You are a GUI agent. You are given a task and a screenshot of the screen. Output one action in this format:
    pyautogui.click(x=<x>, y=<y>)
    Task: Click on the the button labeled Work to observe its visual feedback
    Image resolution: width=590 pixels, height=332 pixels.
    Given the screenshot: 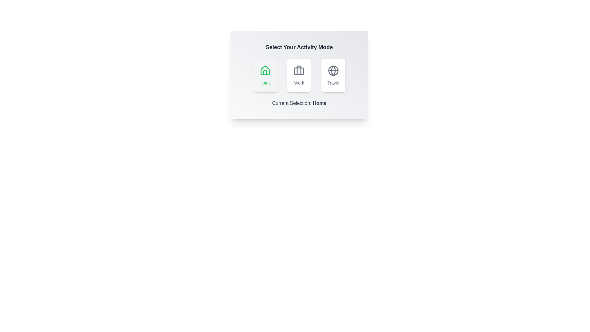 What is the action you would take?
    pyautogui.click(x=299, y=75)
    